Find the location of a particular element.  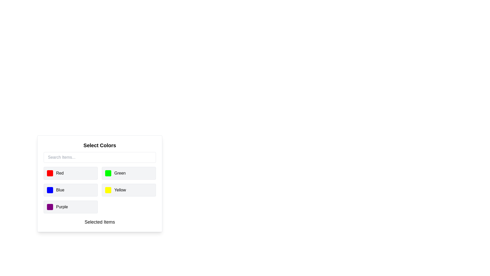

the grid of selectable items containing five color options (Red, Green, Blue, Yellow, and Purple) is located at coordinates (100, 190).